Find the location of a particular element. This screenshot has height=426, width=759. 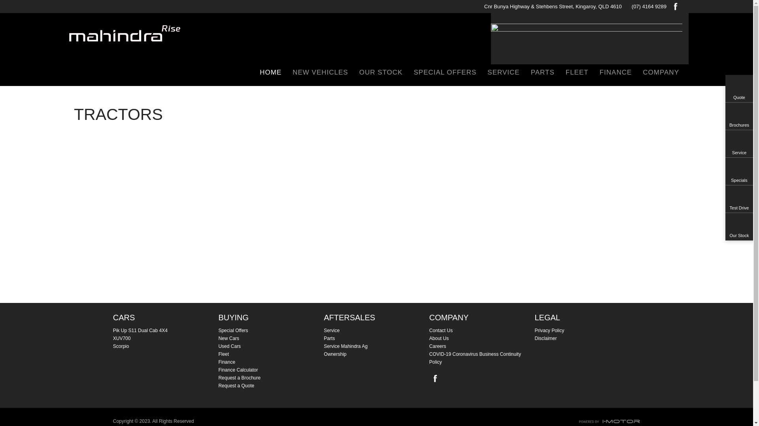

'(07) 4164 9289' is located at coordinates (649, 6).